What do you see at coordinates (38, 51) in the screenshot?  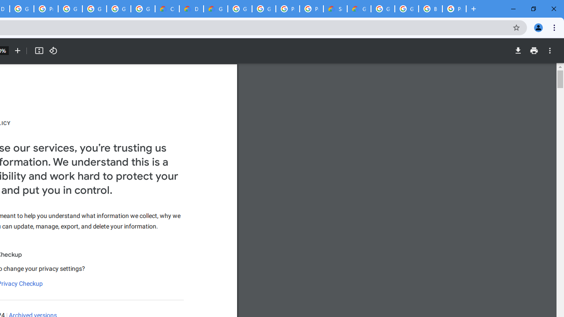 I see `'Fit to page'` at bounding box center [38, 51].